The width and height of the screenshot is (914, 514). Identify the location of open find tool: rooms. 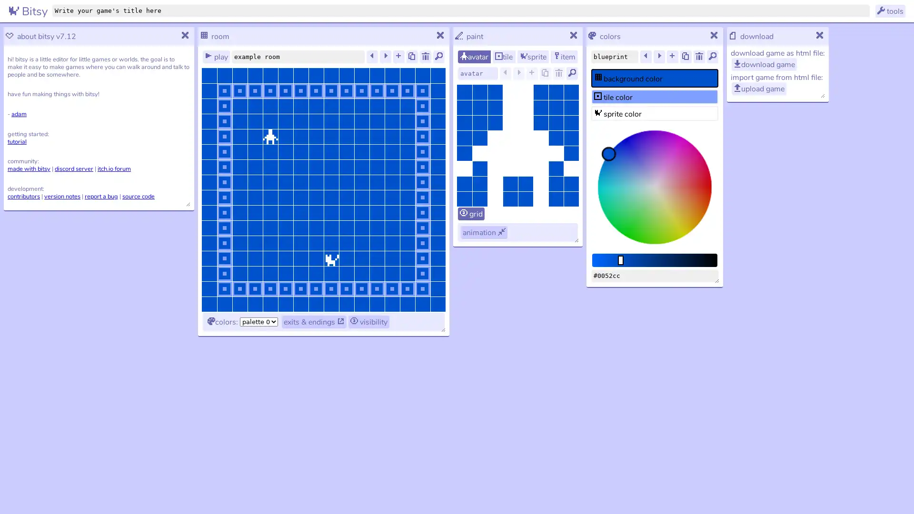
(438, 57).